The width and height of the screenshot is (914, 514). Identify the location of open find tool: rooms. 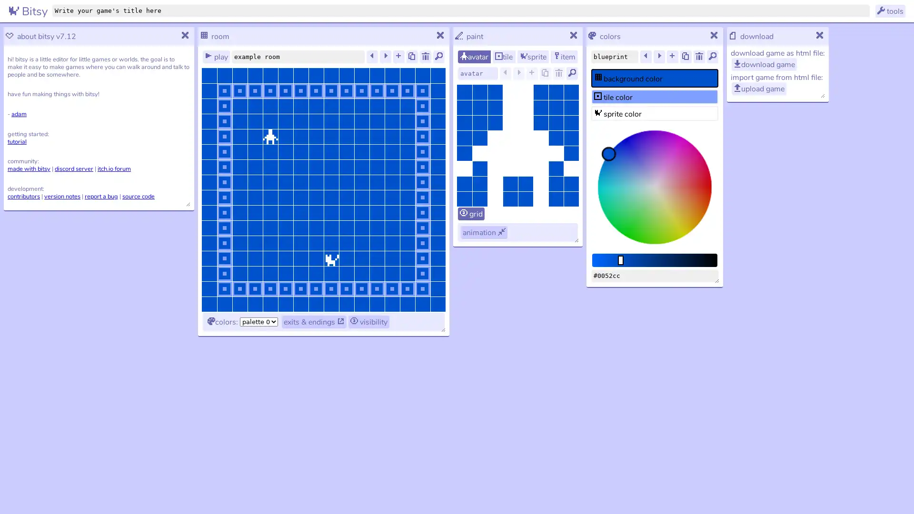
(438, 57).